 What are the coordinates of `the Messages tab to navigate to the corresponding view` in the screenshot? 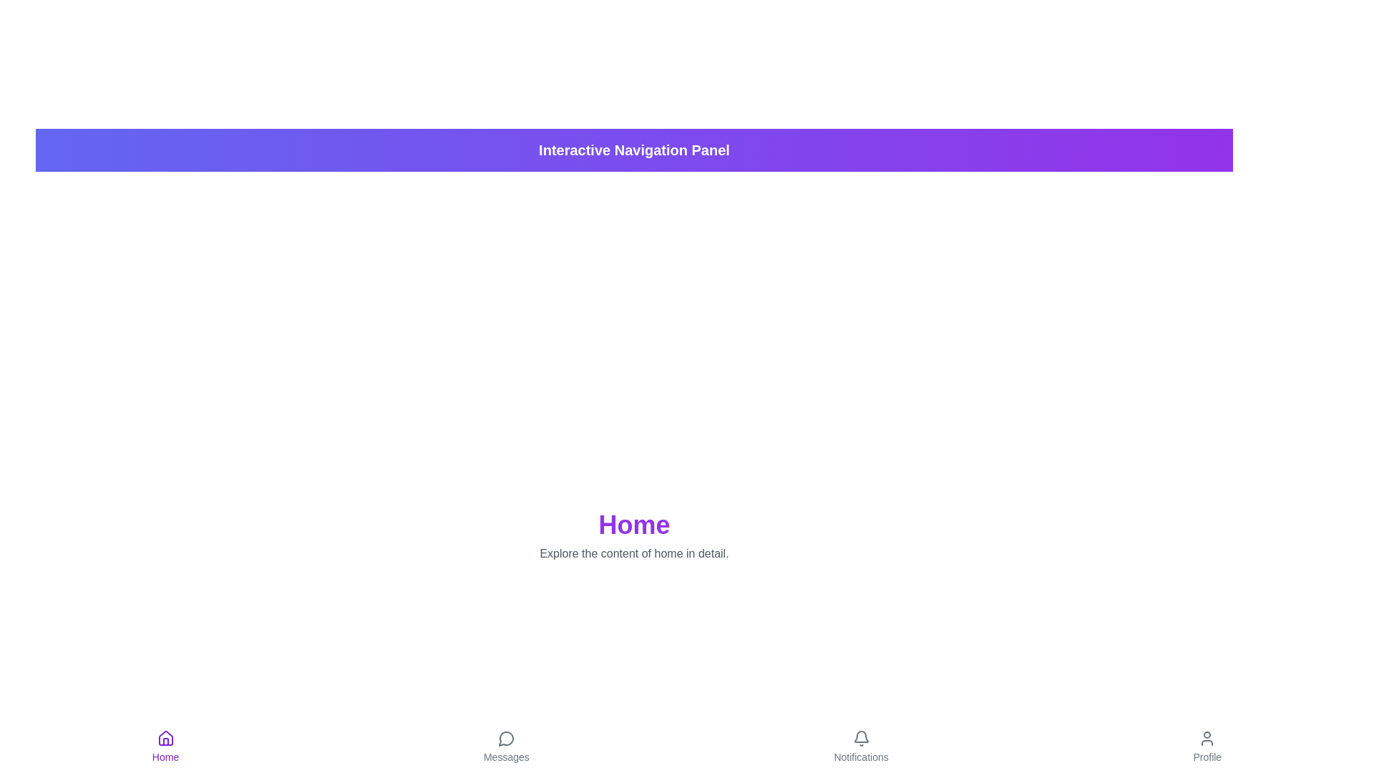 It's located at (506, 747).